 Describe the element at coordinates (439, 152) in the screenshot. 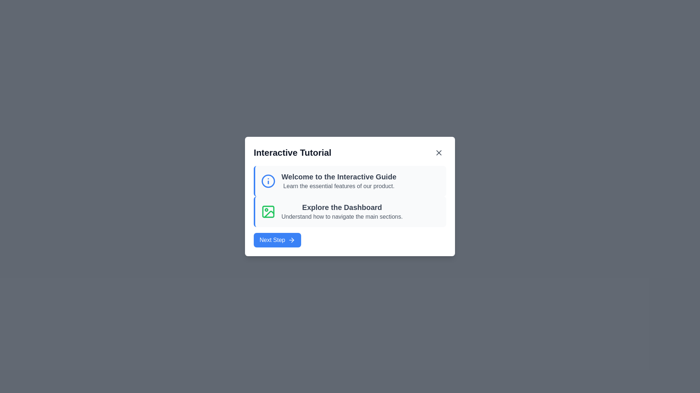

I see `the close button located in the top-right corner of the modal dialog box` at that location.